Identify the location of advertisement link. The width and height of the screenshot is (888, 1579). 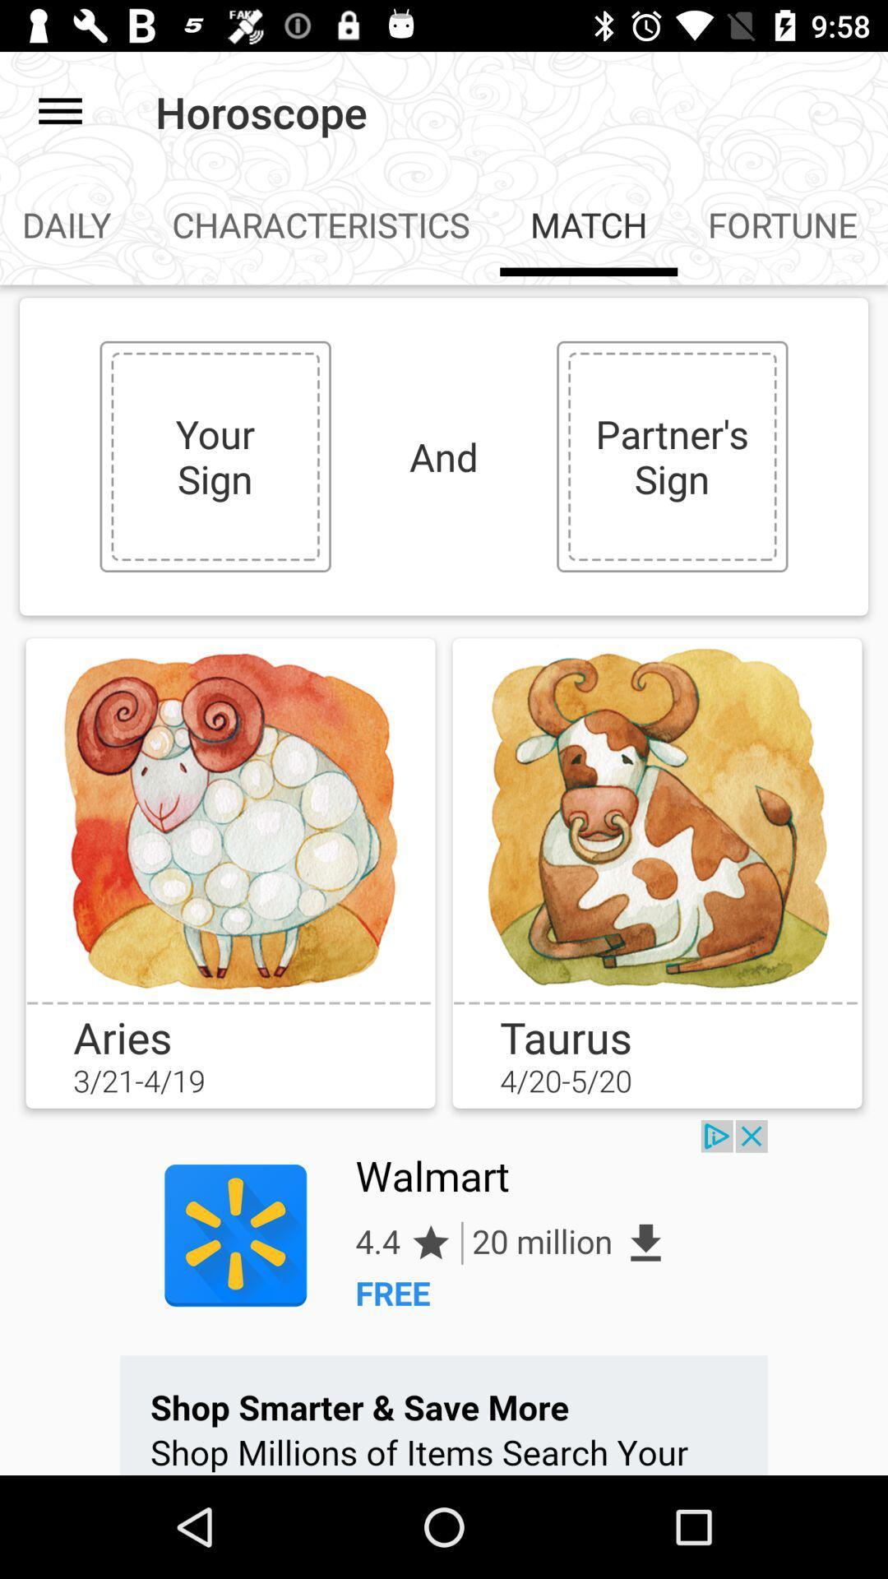
(444, 1297).